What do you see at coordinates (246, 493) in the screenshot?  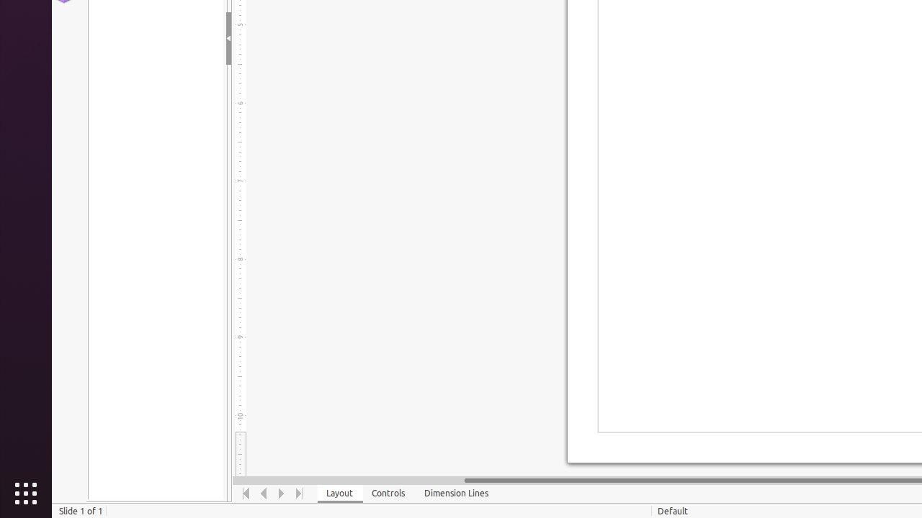 I see `'Move To Home'` at bounding box center [246, 493].